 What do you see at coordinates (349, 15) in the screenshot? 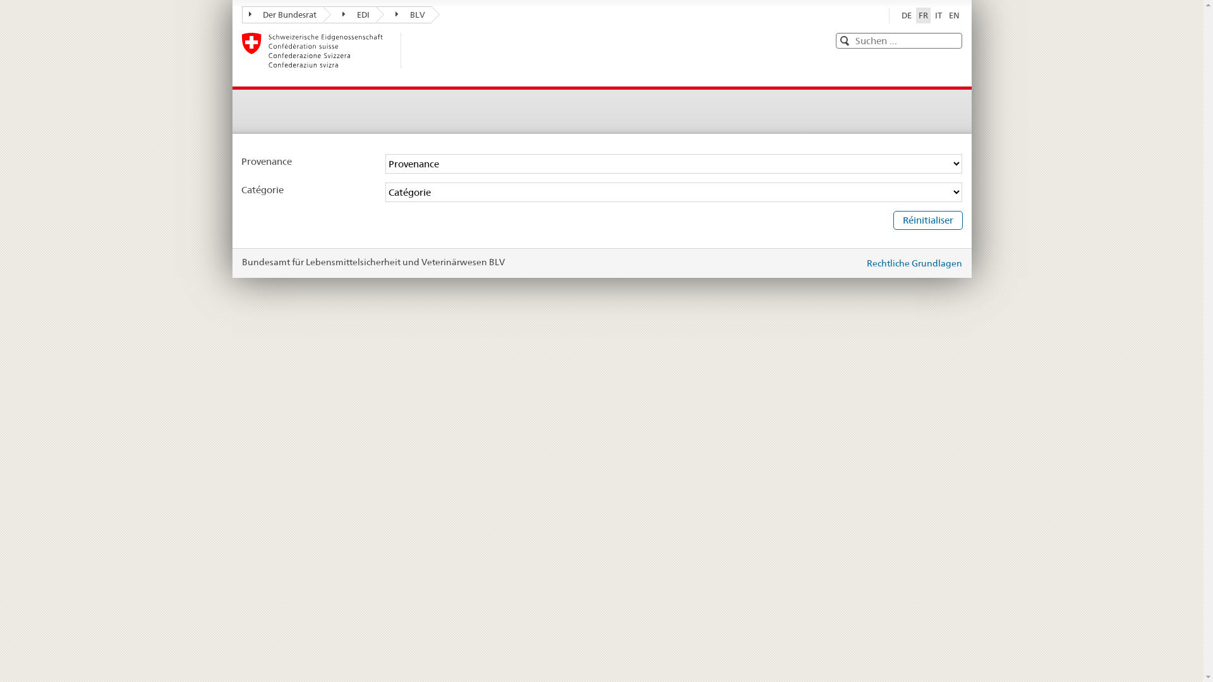
I see `'EDI'` at bounding box center [349, 15].